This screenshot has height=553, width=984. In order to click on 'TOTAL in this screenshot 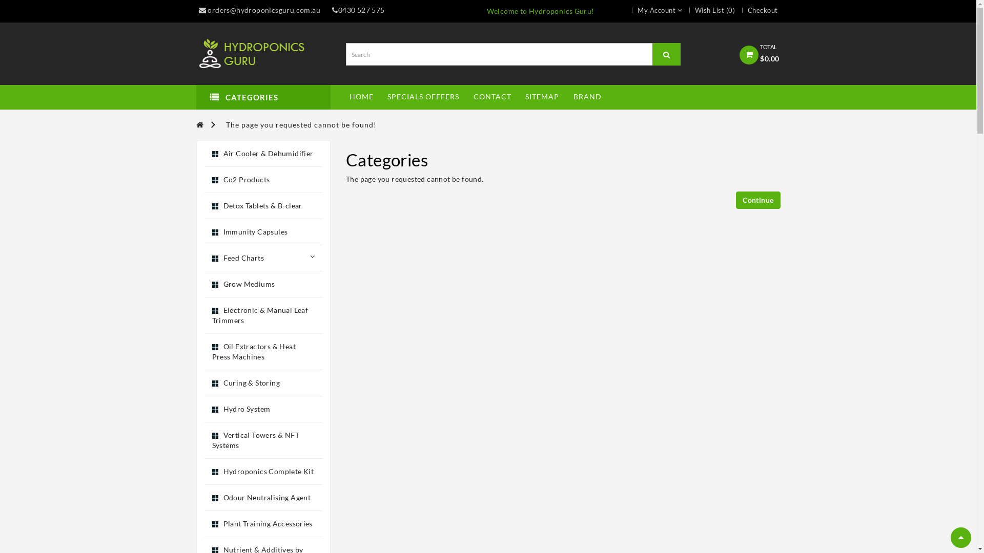, I will do `click(760, 49)`.